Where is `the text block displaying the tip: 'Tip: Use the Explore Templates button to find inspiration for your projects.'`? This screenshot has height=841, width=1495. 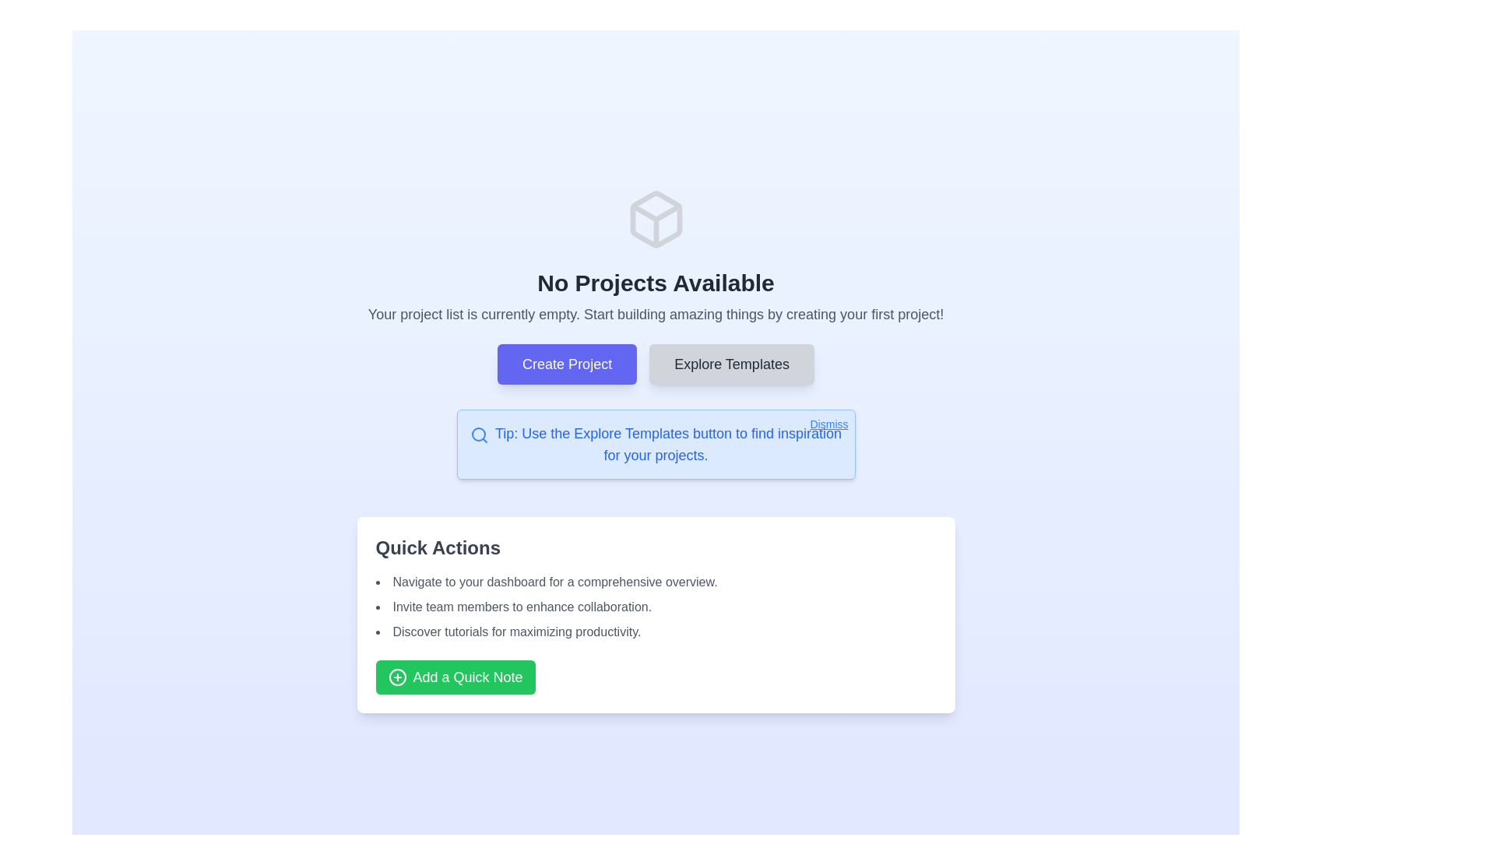 the text block displaying the tip: 'Tip: Use the Explore Templates button to find inspiration for your projects.' is located at coordinates (668, 444).